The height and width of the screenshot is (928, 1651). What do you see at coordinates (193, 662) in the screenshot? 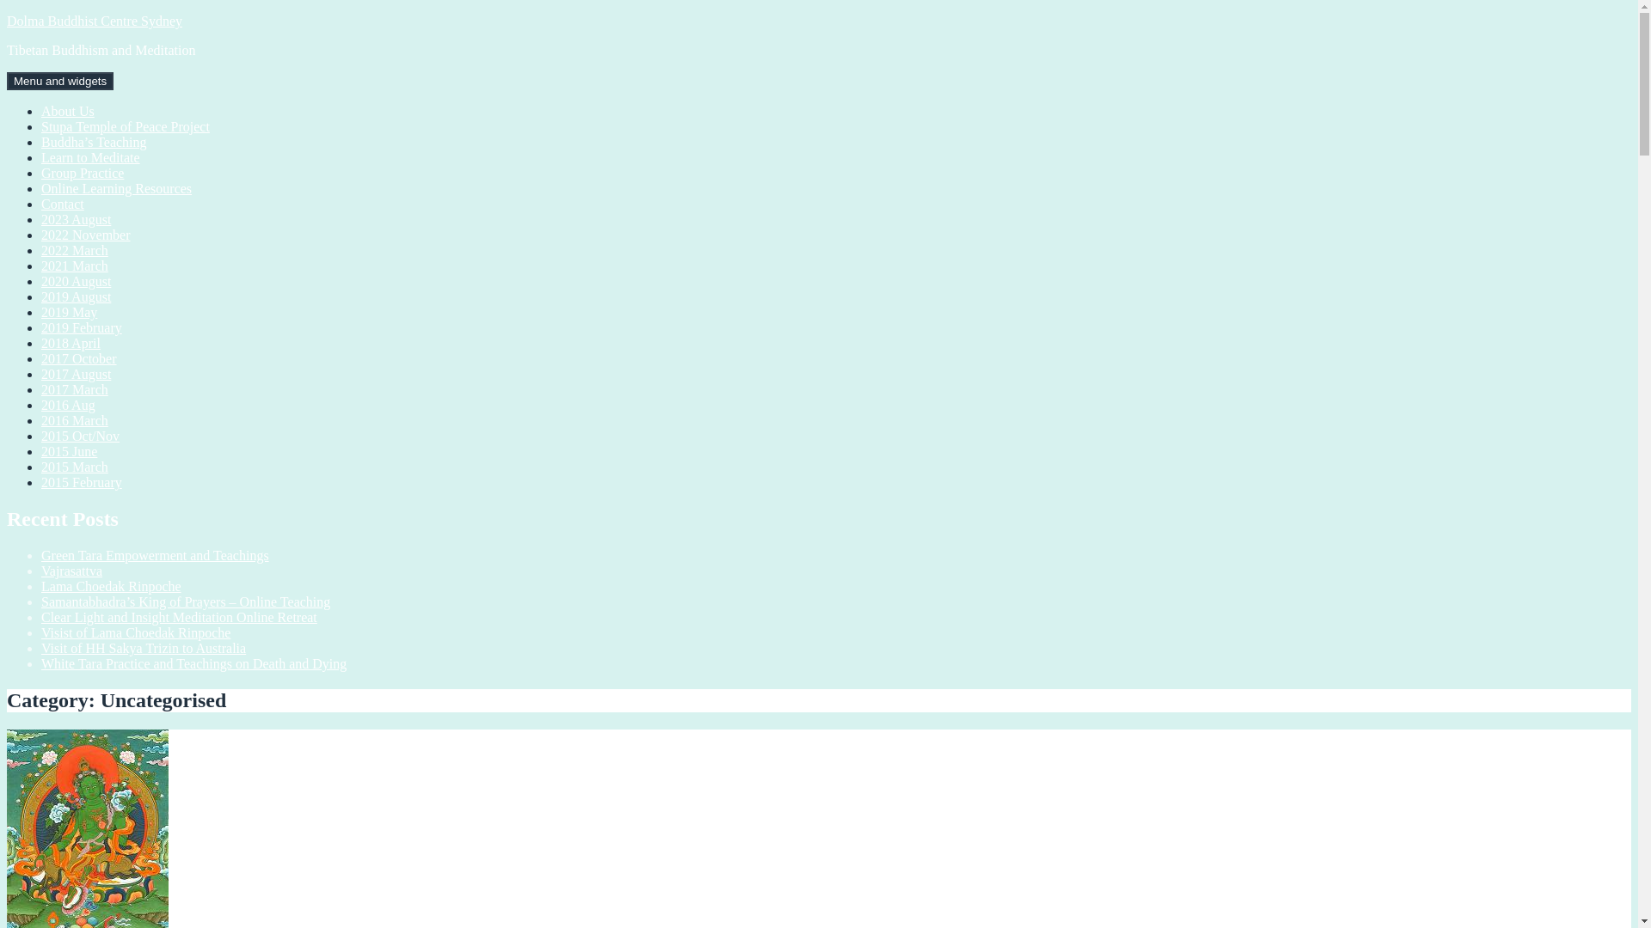
I see `'White Tara Practice and Teachings on Death and Dying'` at bounding box center [193, 662].